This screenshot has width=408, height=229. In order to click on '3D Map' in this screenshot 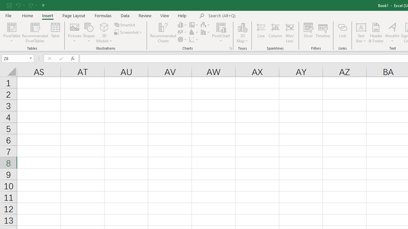, I will do `click(242, 33)`.